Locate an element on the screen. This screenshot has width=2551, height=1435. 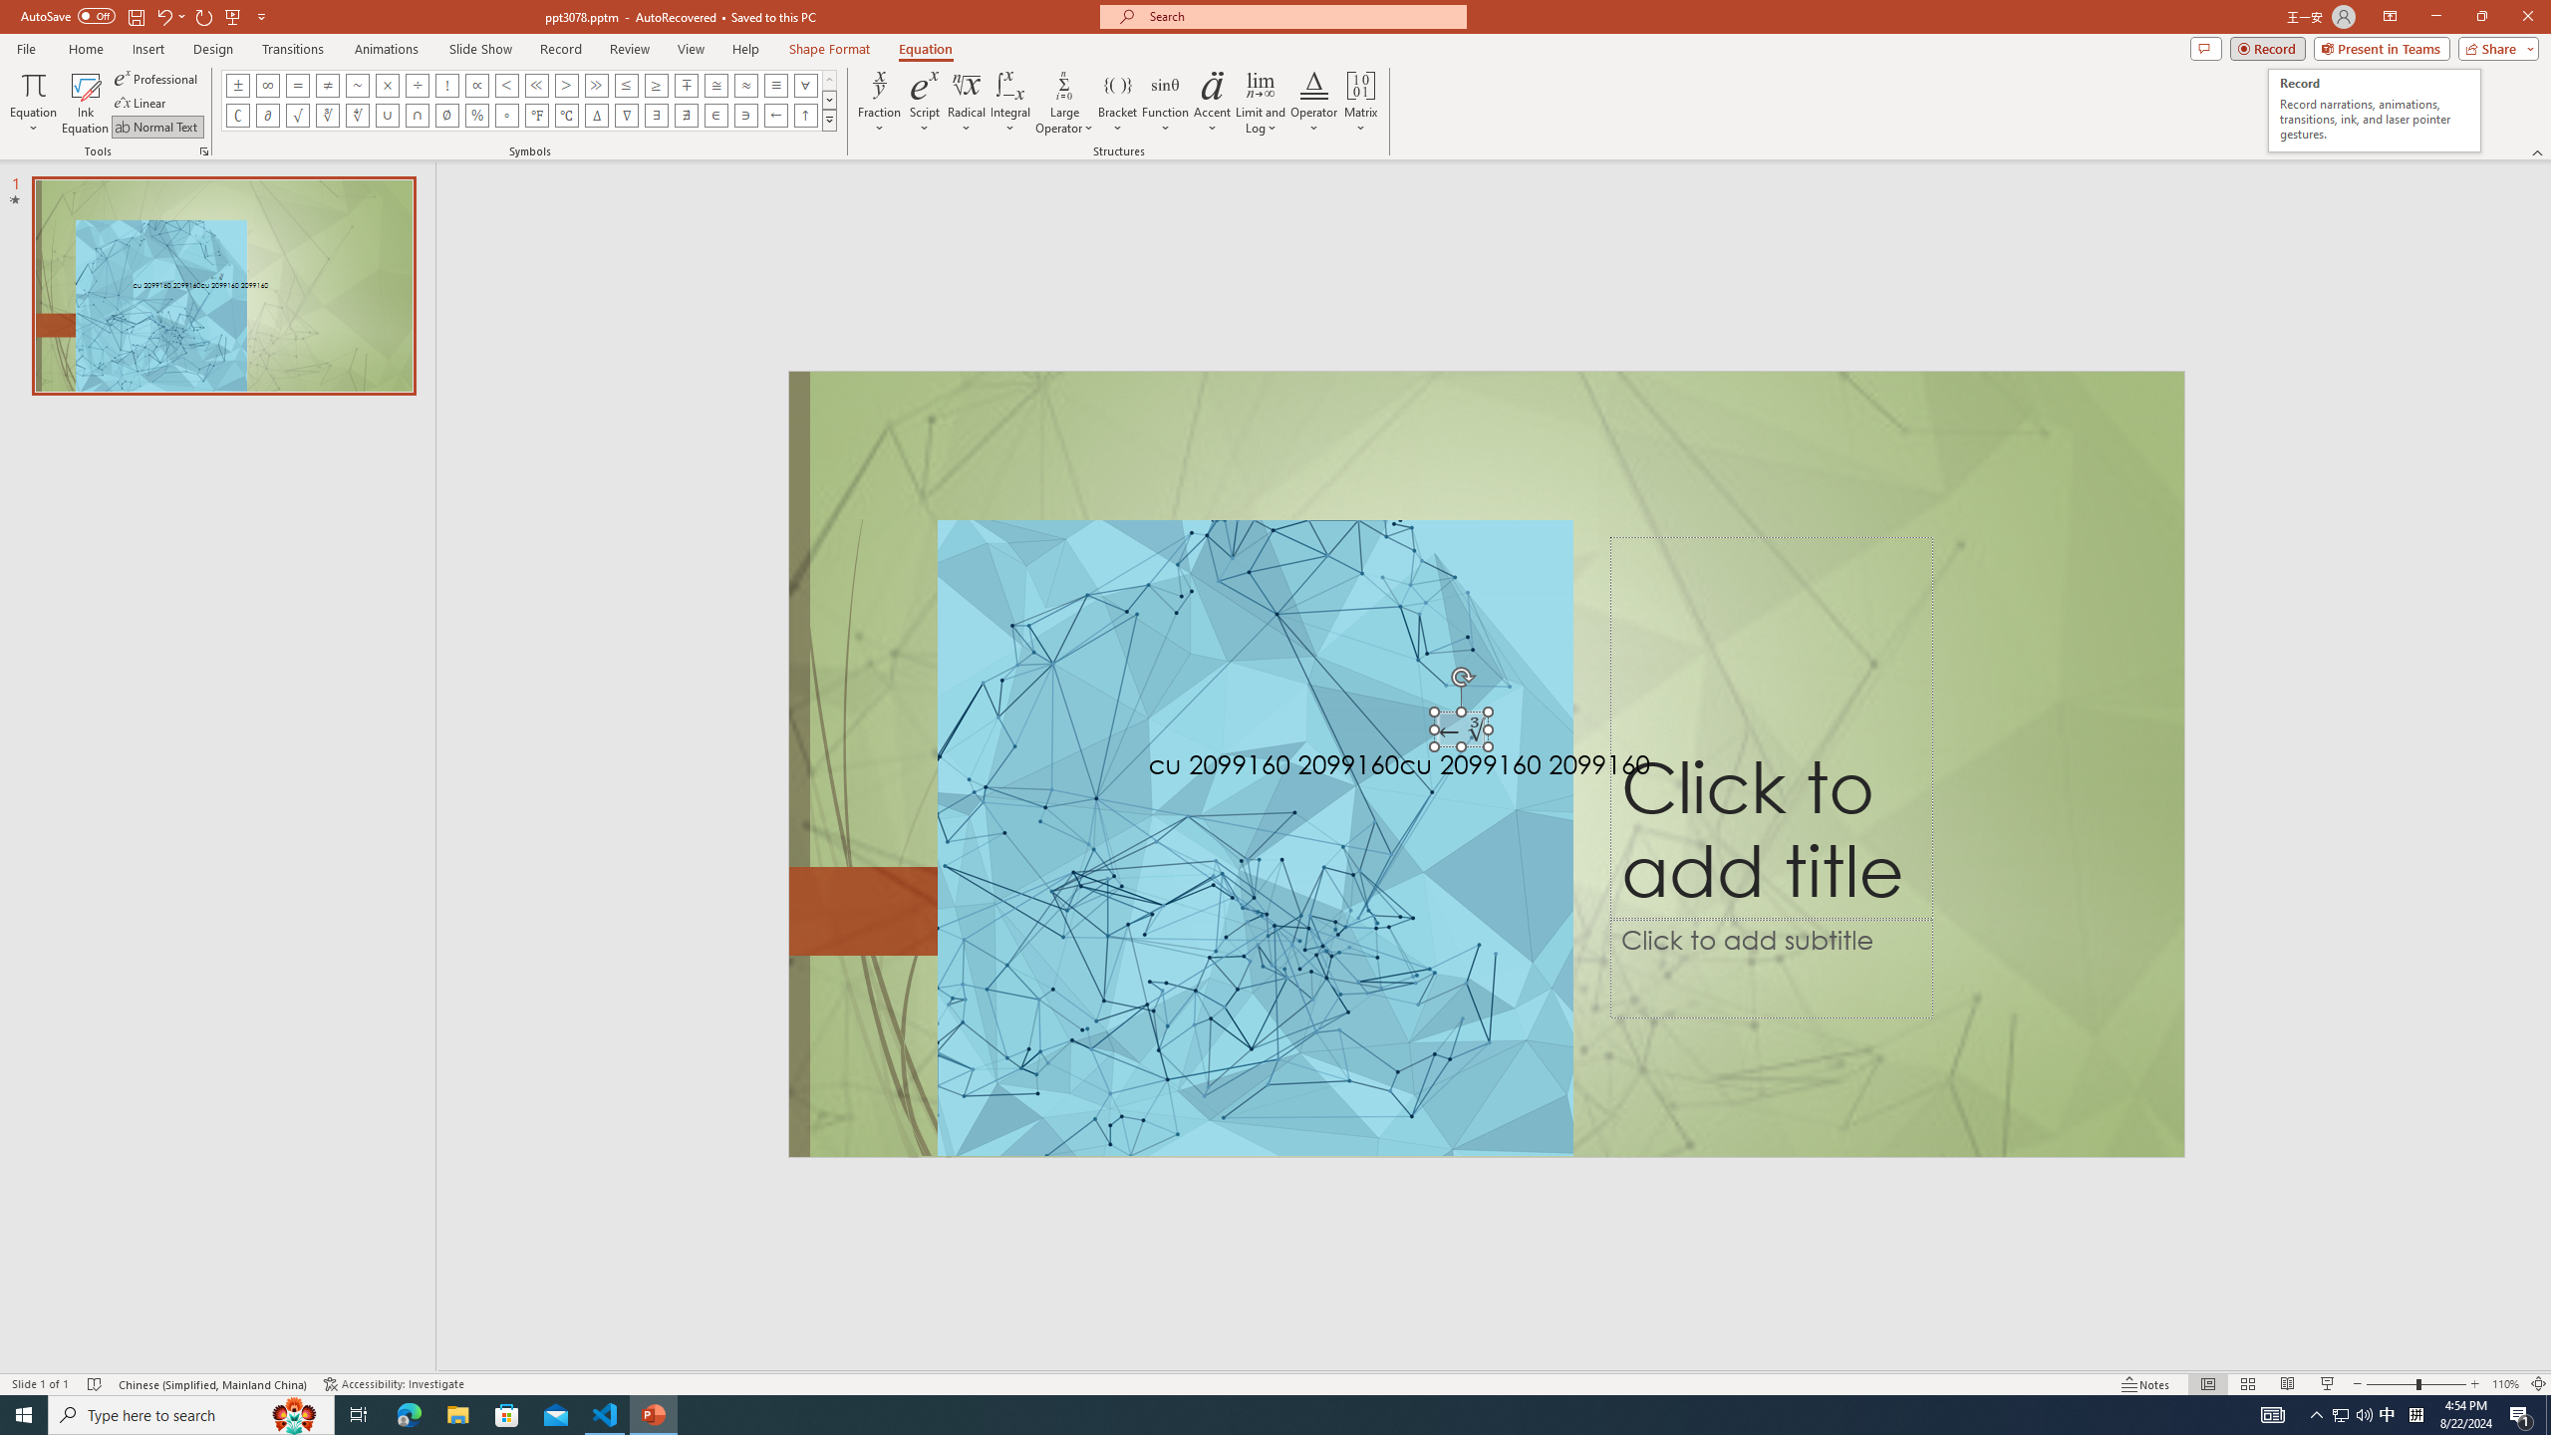
'Equation Symbol Plus Minus' is located at coordinates (238, 84).